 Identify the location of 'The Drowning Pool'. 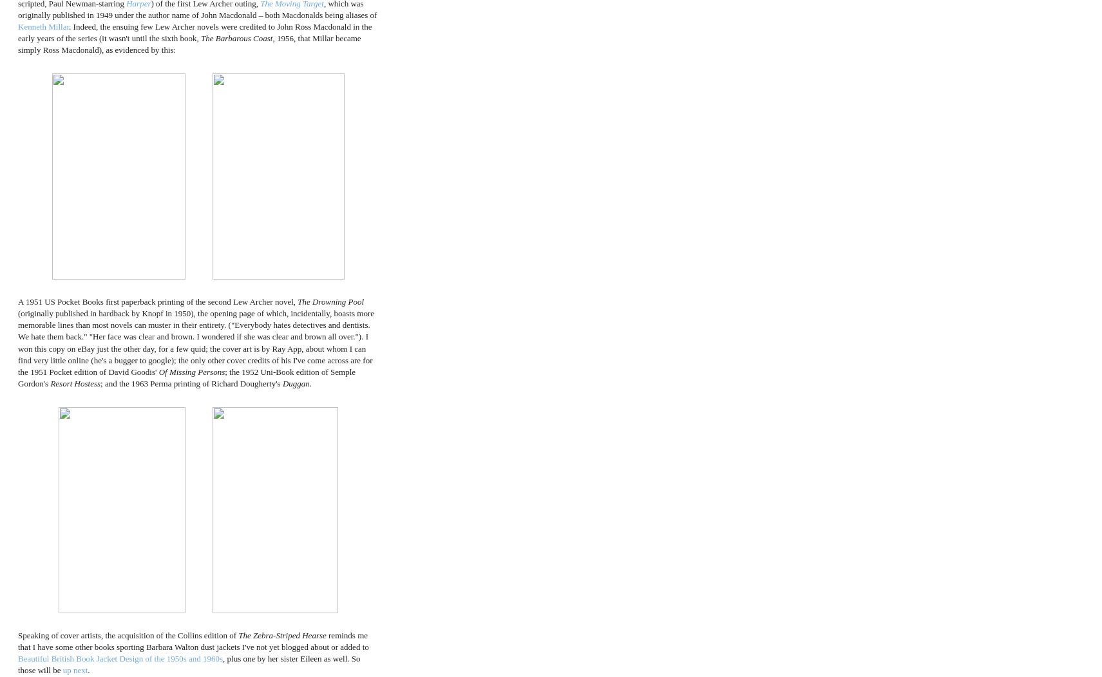
(330, 300).